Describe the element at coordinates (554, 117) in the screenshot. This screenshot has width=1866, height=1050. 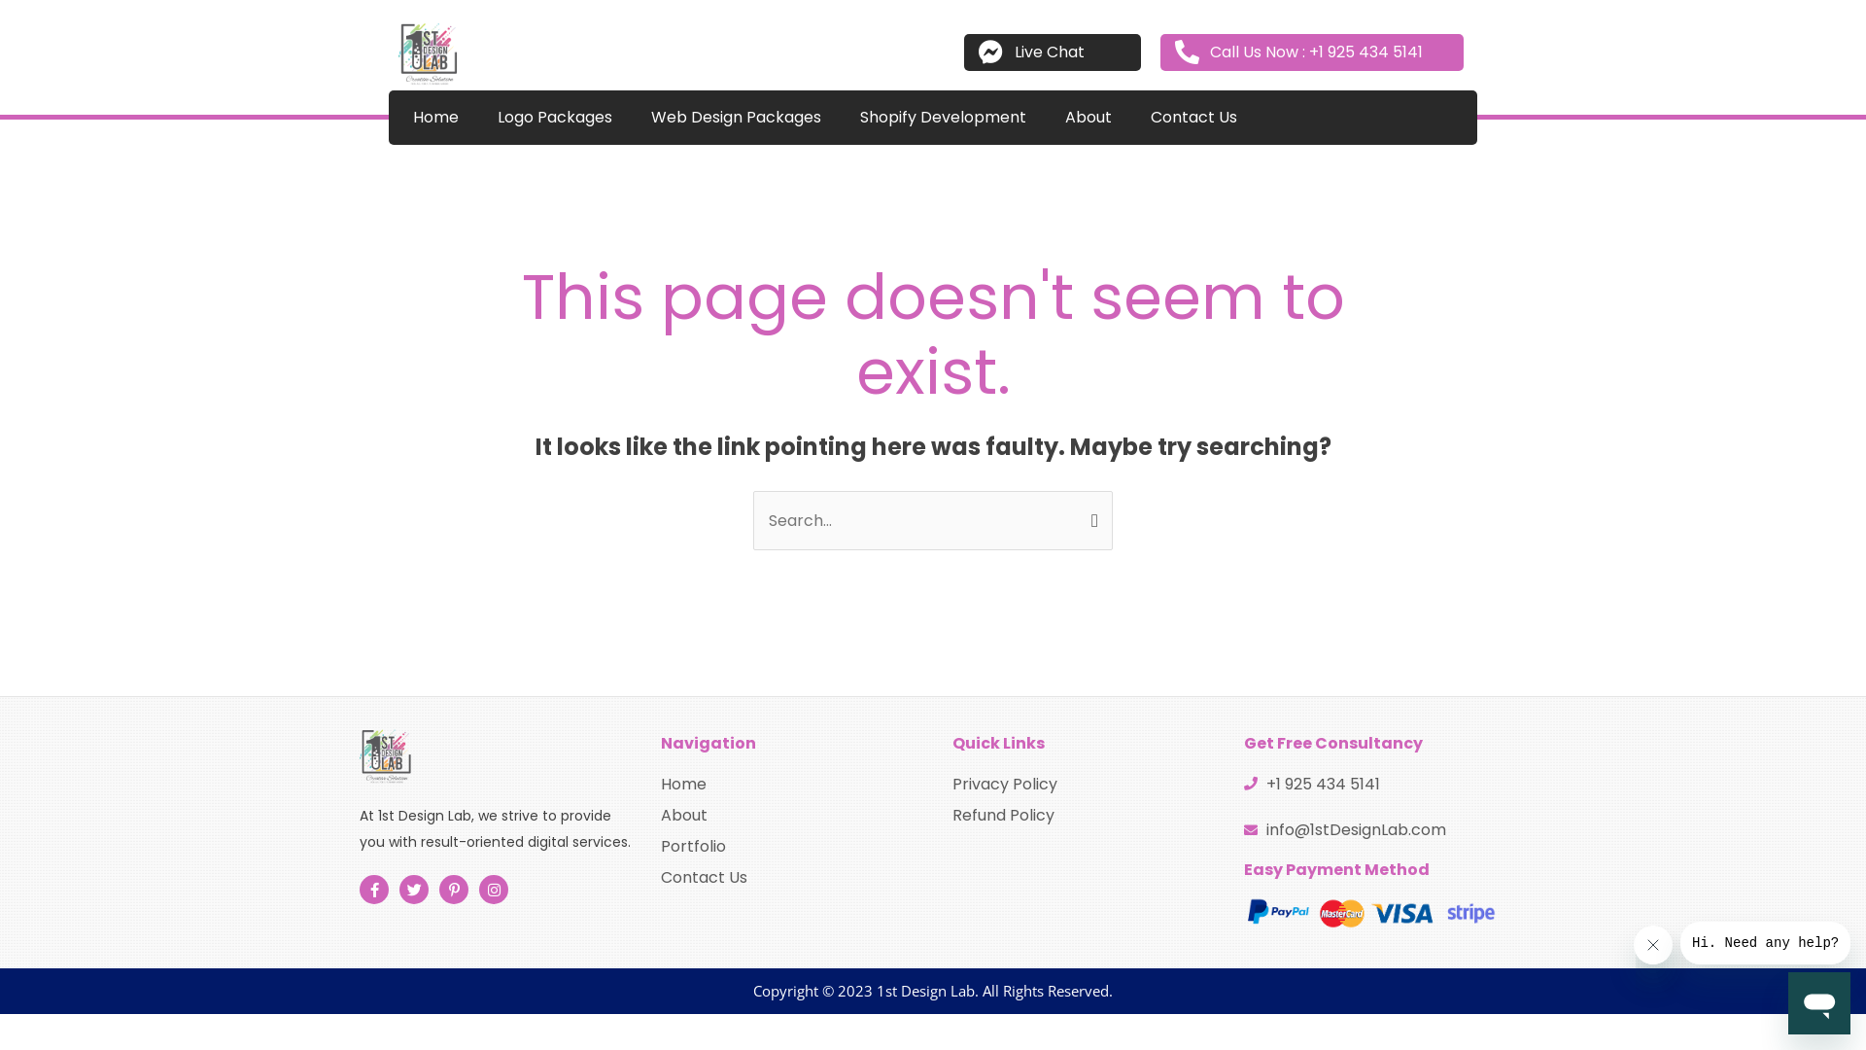
I see `'Logo Packages'` at that location.